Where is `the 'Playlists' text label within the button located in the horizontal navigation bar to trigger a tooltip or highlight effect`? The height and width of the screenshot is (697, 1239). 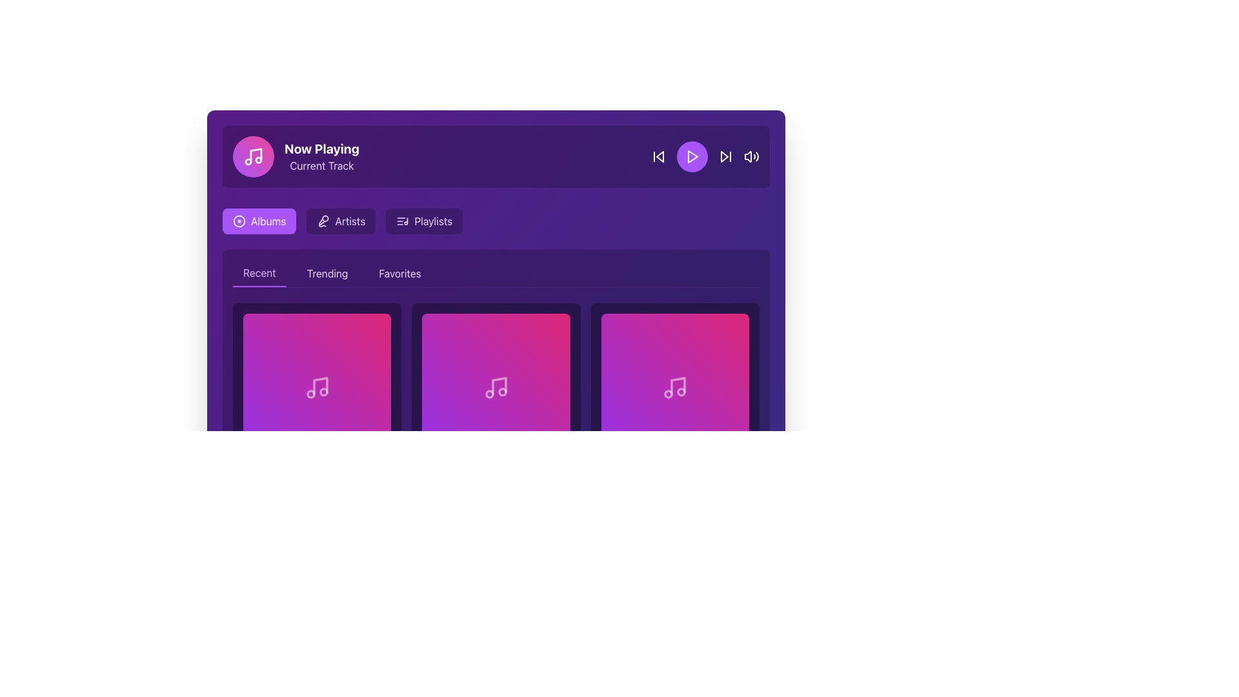
the 'Playlists' text label within the button located in the horizontal navigation bar to trigger a tooltip or highlight effect is located at coordinates (433, 221).